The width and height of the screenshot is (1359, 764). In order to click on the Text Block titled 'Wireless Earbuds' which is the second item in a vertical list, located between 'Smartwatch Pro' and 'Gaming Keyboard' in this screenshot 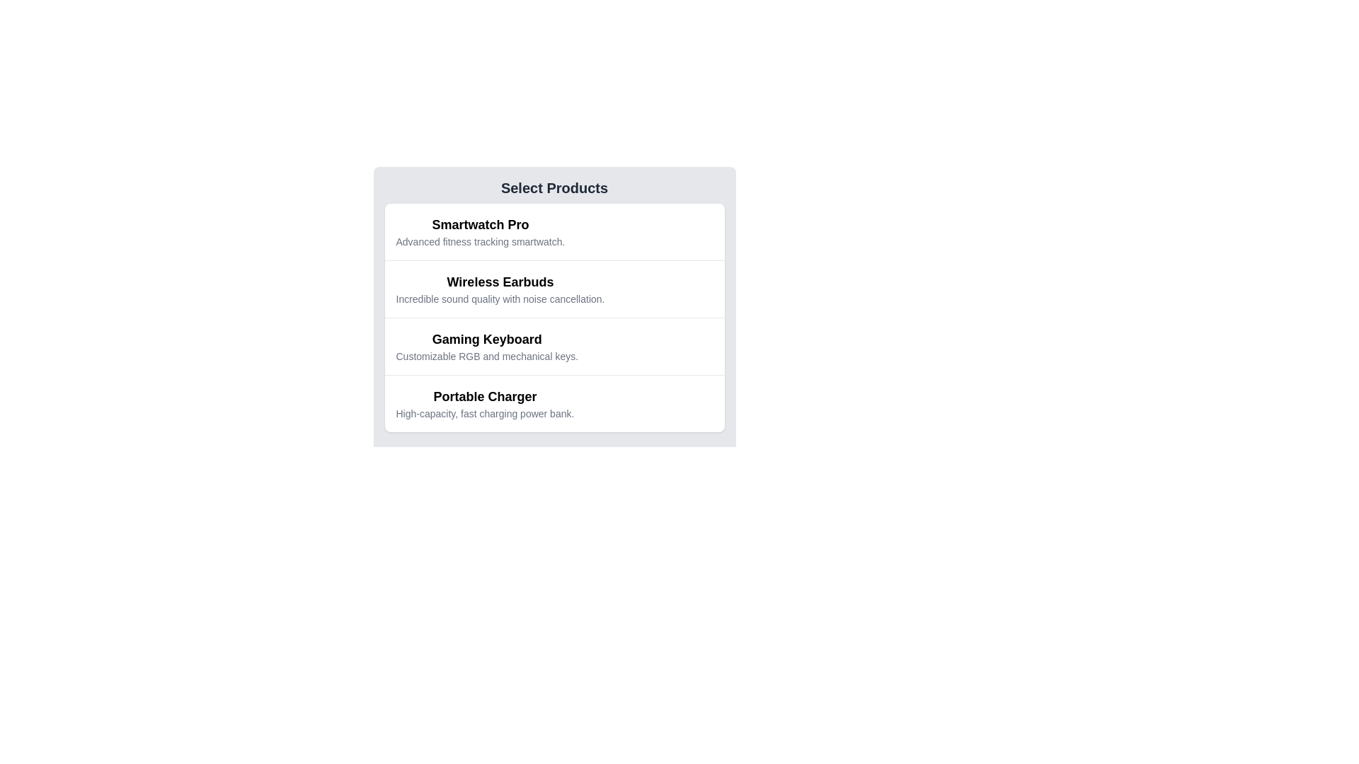, I will do `click(500, 288)`.